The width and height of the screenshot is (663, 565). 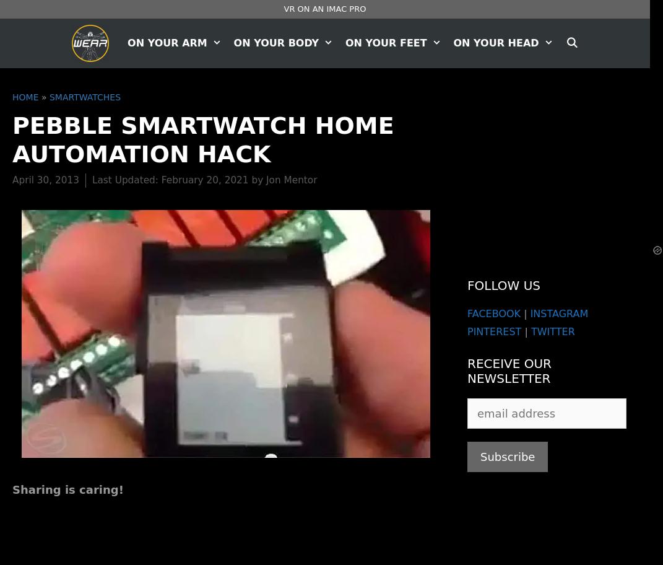 What do you see at coordinates (558, 313) in the screenshot?
I see `'INSTAGRAM'` at bounding box center [558, 313].